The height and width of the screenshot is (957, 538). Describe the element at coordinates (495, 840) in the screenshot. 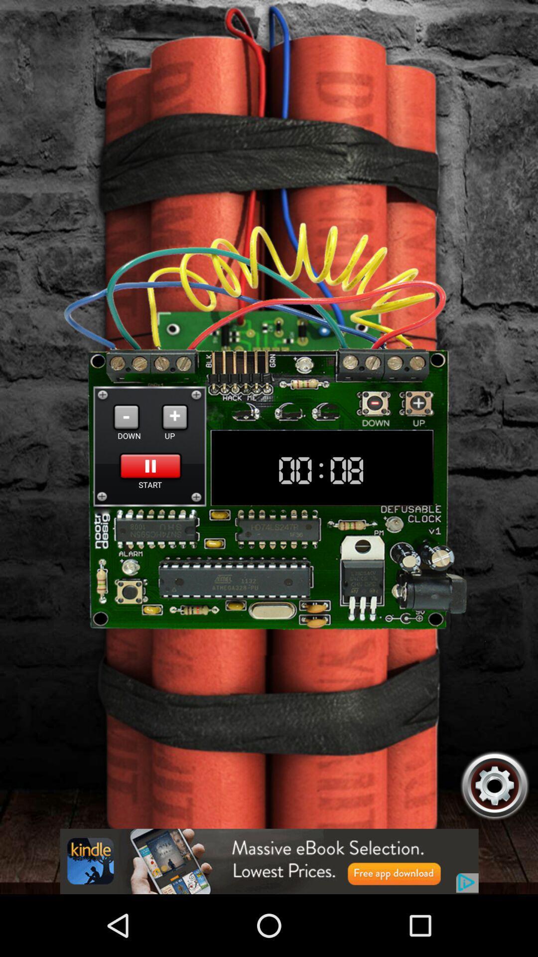

I see `the settings icon` at that location.